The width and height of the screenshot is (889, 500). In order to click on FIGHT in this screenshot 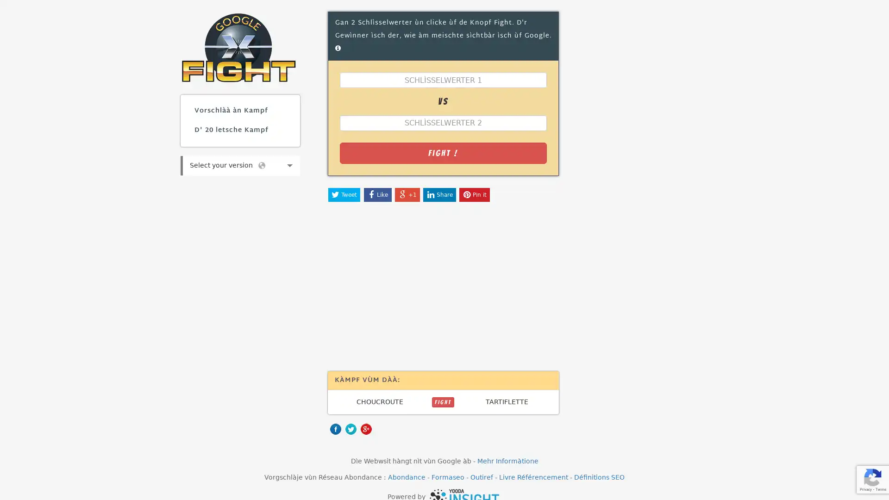, I will do `click(442, 401)`.